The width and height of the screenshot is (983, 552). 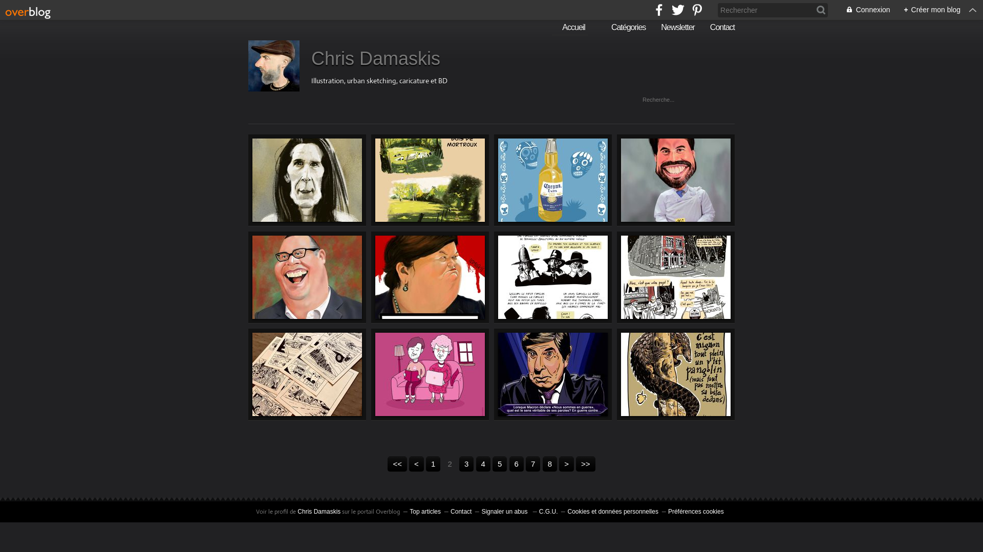 I want to click on 'Newsletter', so click(x=678, y=27).